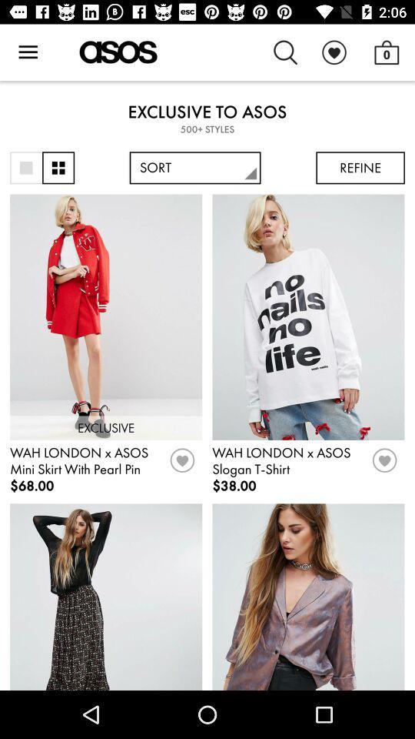 The width and height of the screenshot is (415, 739). I want to click on the image which is above the text slogan tshirt, so click(308, 316).